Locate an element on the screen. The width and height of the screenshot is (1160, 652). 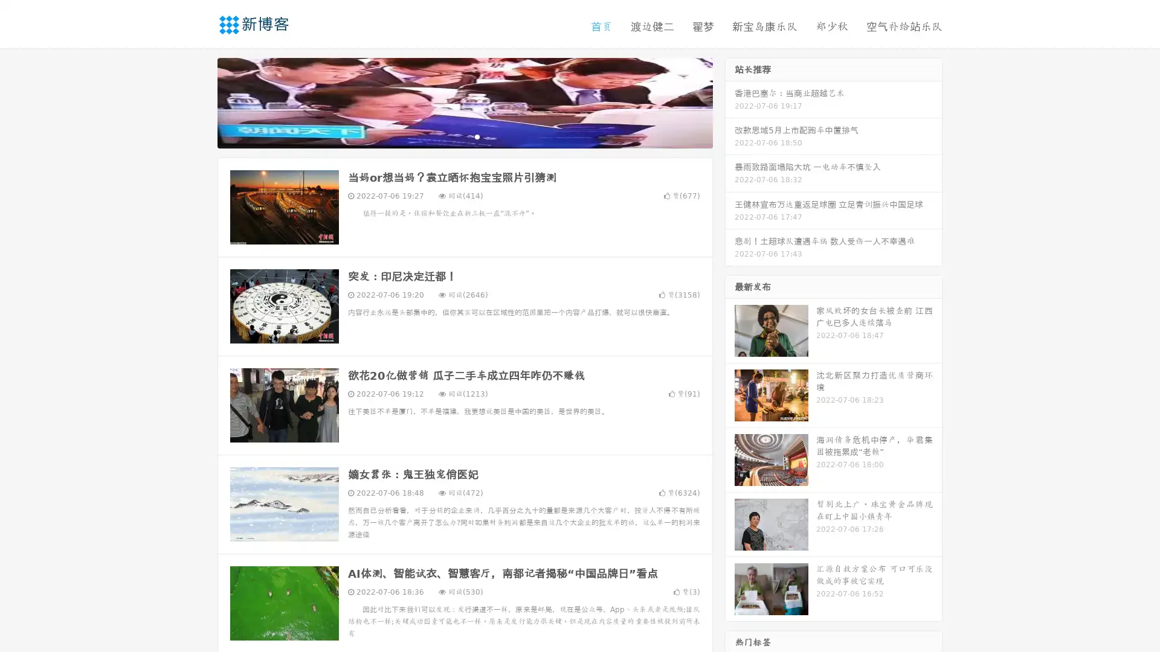
Go to slide 3 is located at coordinates (477, 136).